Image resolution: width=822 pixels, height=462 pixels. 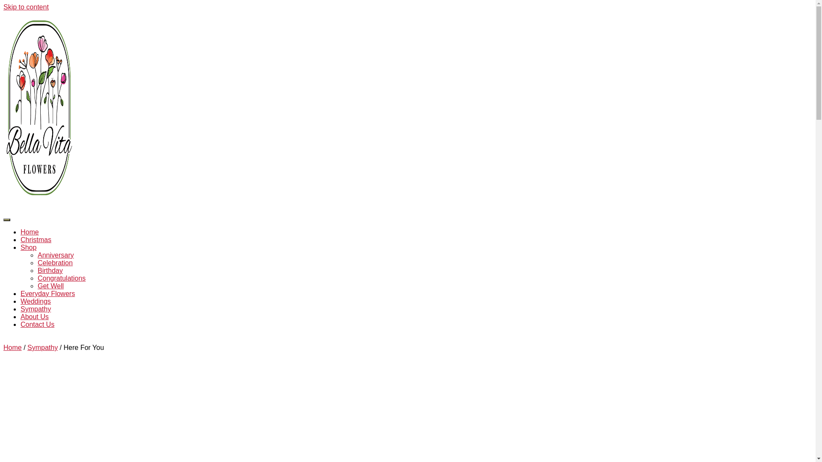 What do you see at coordinates (50, 286) in the screenshot?
I see `'Get Well'` at bounding box center [50, 286].